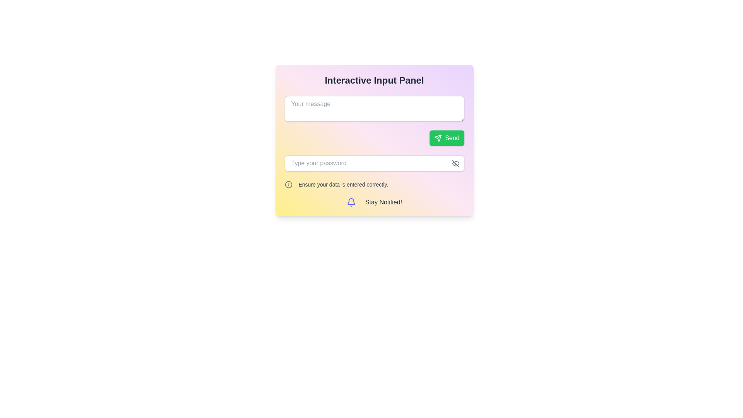 The width and height of the screenshot is (743, 418). Describe the element at coordinates (452, 138) in the screenshot. I see `the text label within the green button that submits a message, located to the right of the text input field labeled 'Your message'` at that location.